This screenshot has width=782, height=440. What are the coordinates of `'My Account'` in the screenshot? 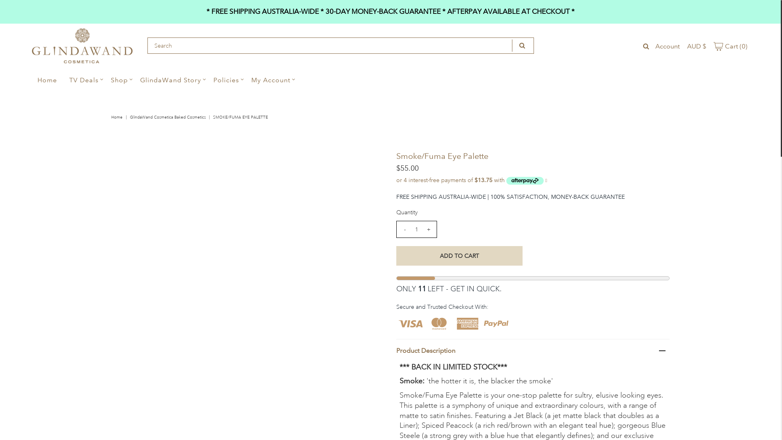 It's located at (271, 80).